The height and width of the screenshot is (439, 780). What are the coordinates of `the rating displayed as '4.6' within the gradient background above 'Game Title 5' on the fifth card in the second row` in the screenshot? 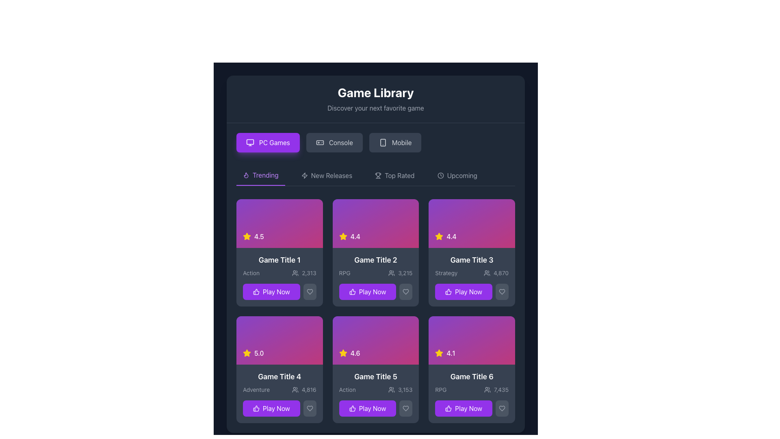 It's located at (375, 340).